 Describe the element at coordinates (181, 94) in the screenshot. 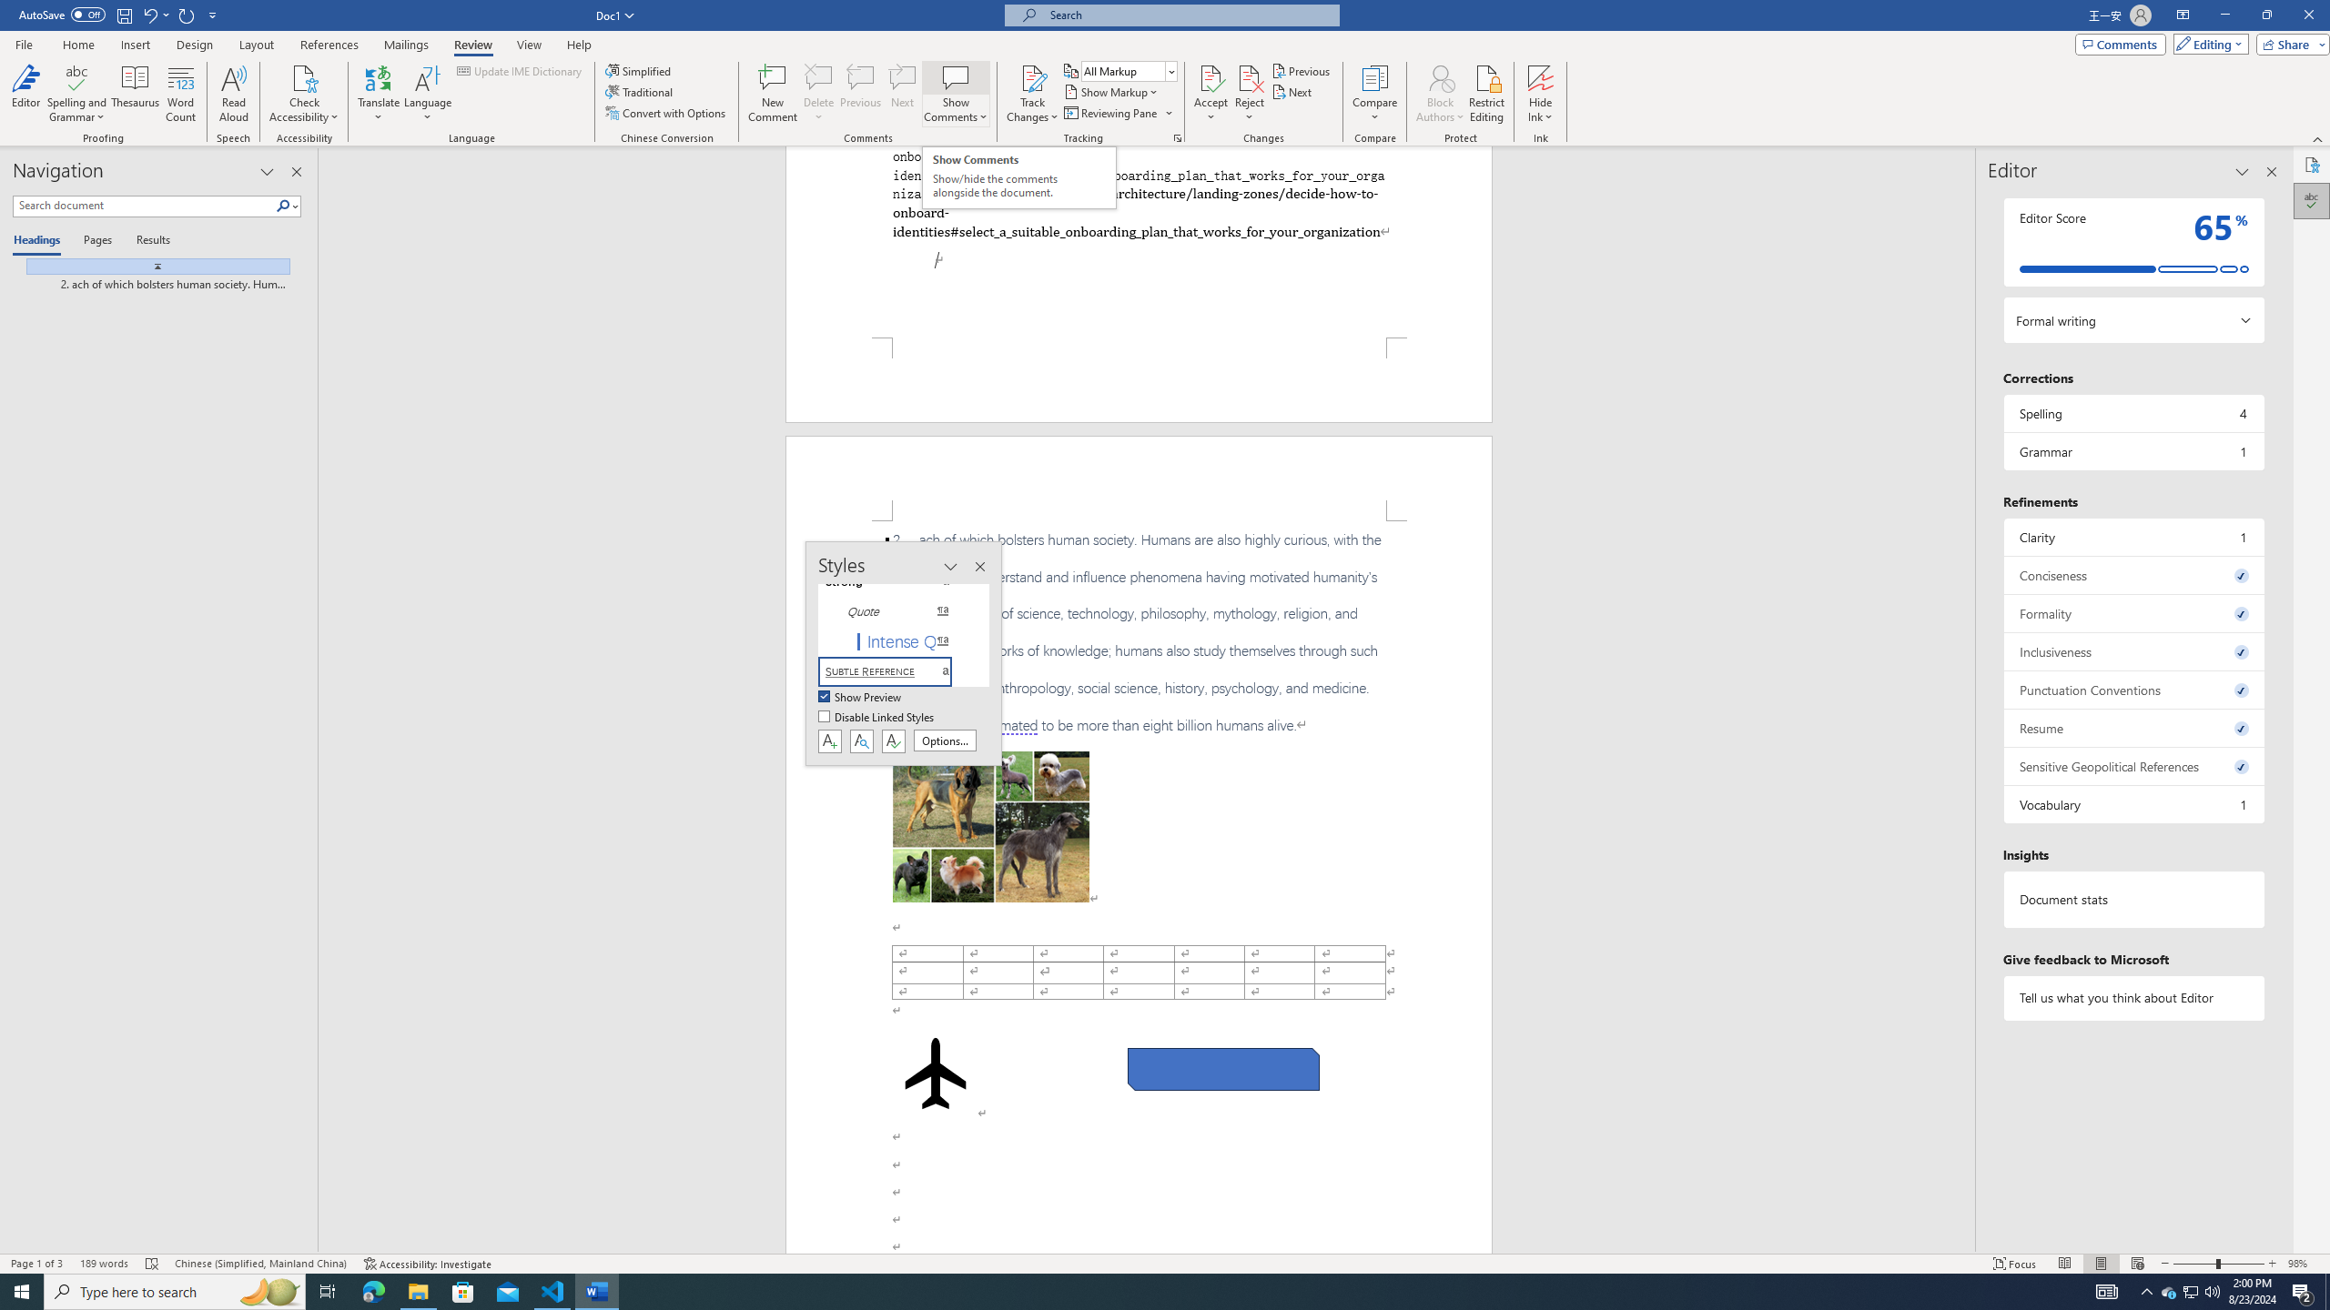

I see `'Word Count'` at that location.